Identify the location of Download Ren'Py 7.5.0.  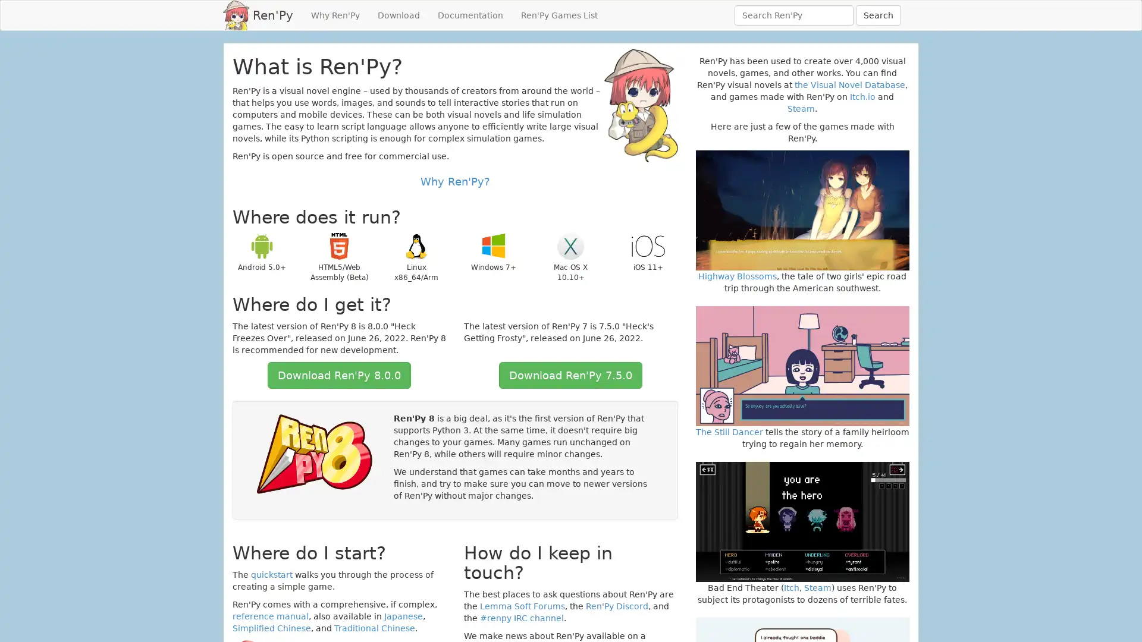
(570, 375).